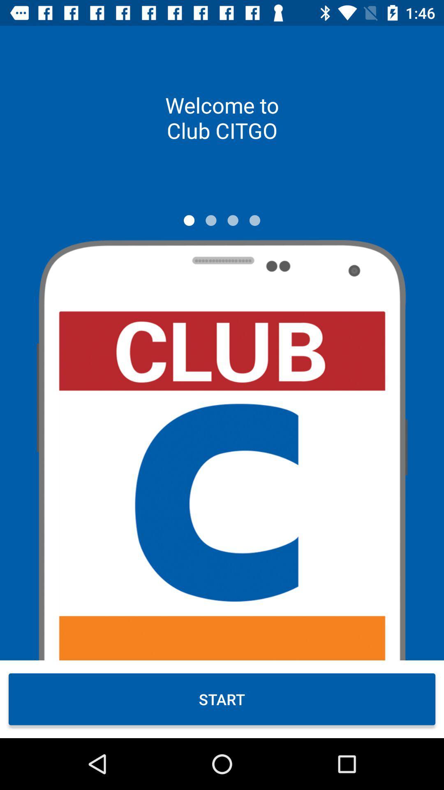  I want to click on move to page, so click(254, 220).